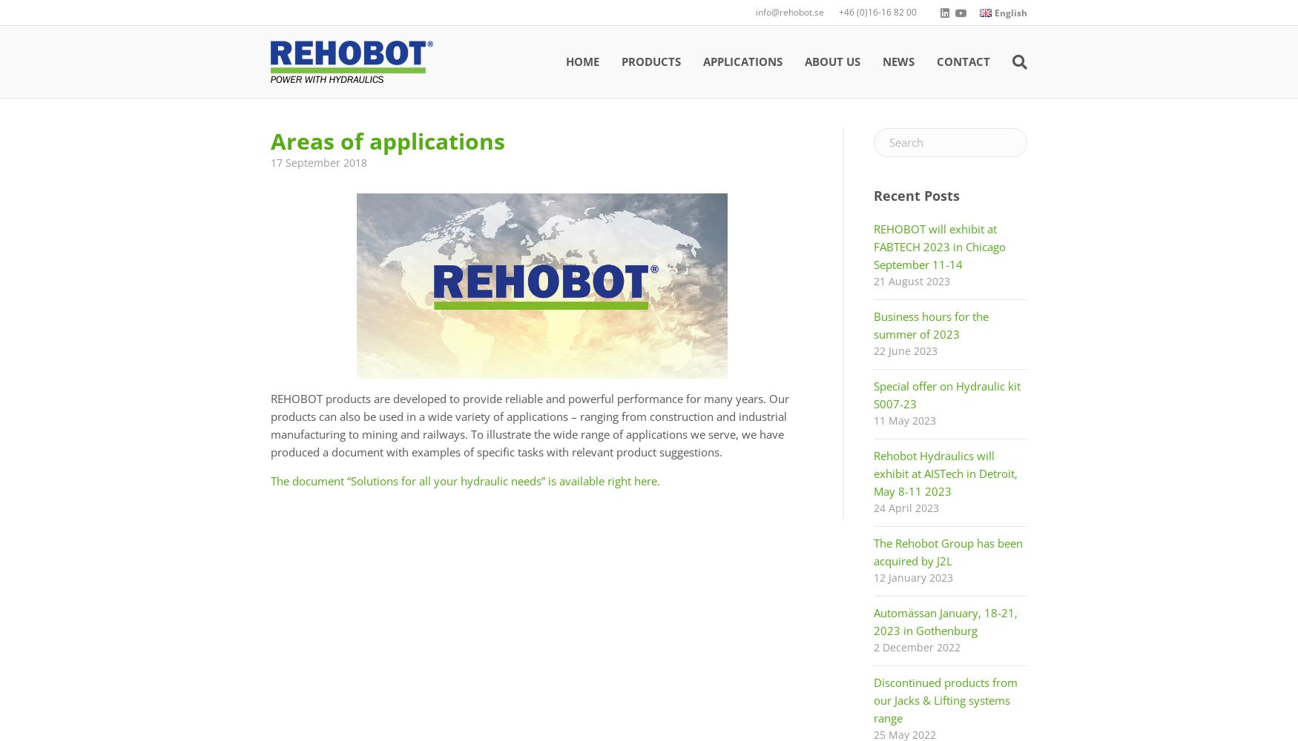  Describe the element at coordinates (915, 196) in the screenshot. I see `'Recent Posts'` at that location.